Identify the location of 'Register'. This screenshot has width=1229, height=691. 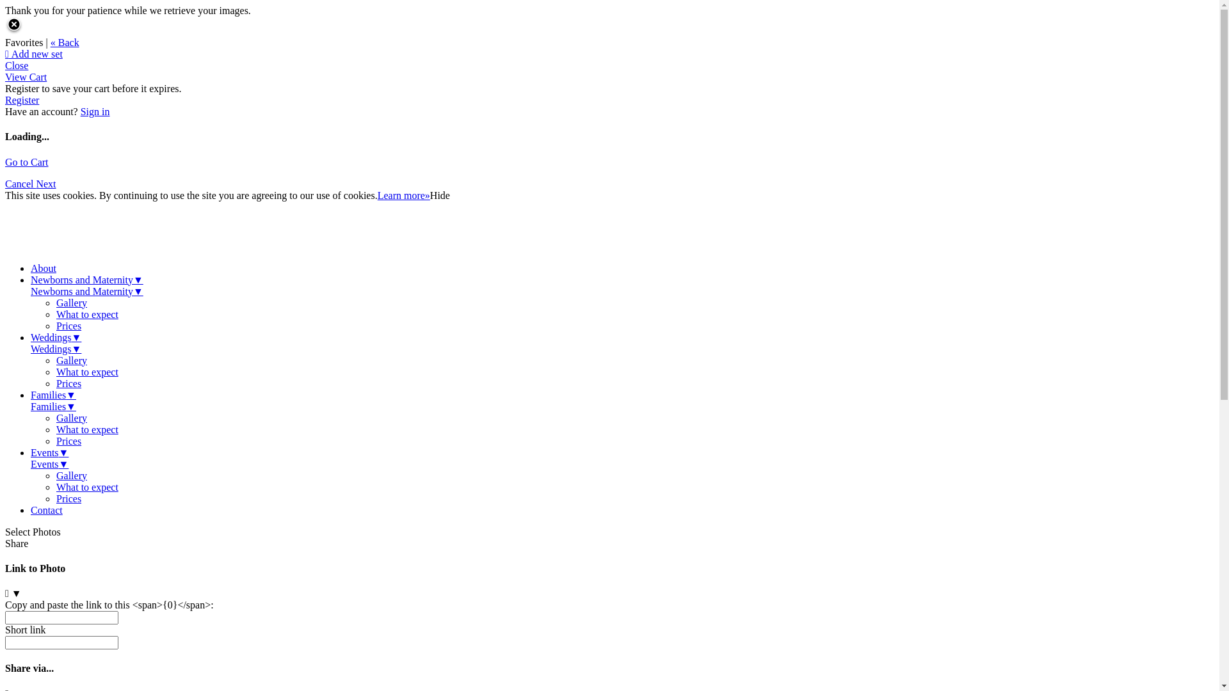
(5, 99).